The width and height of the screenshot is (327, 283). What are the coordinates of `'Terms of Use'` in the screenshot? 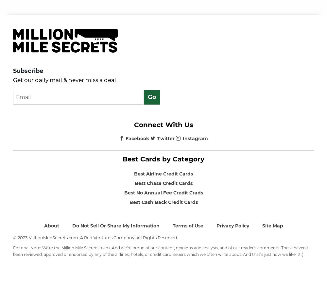 It's located at (187, 225).